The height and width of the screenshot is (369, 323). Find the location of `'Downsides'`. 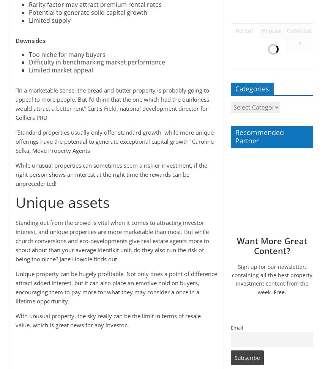

'Downsides' is located at coordinates (29, 39).